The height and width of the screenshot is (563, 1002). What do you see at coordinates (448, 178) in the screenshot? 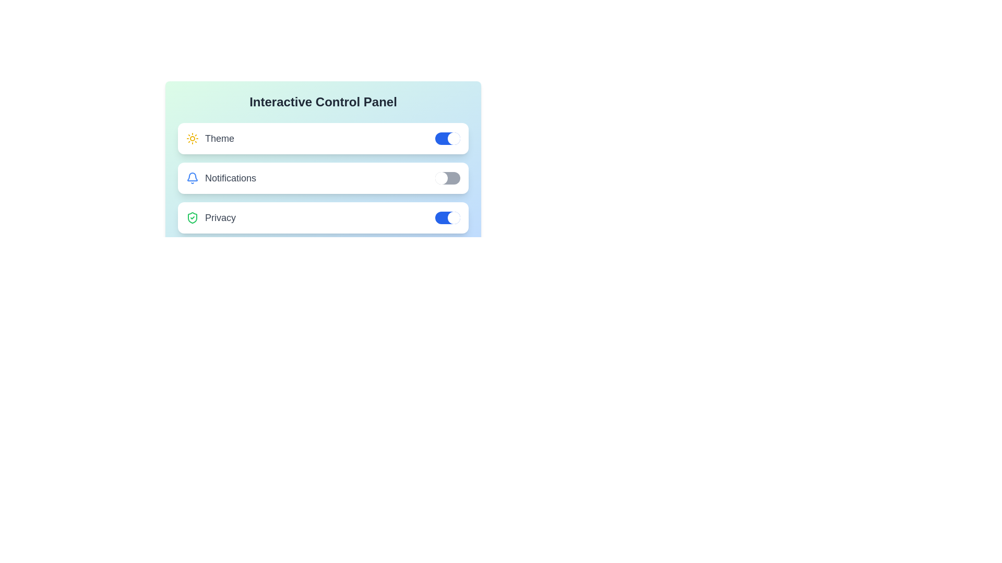
I see `the Notifications switch to toggle it` at bounding box center [448, 178].